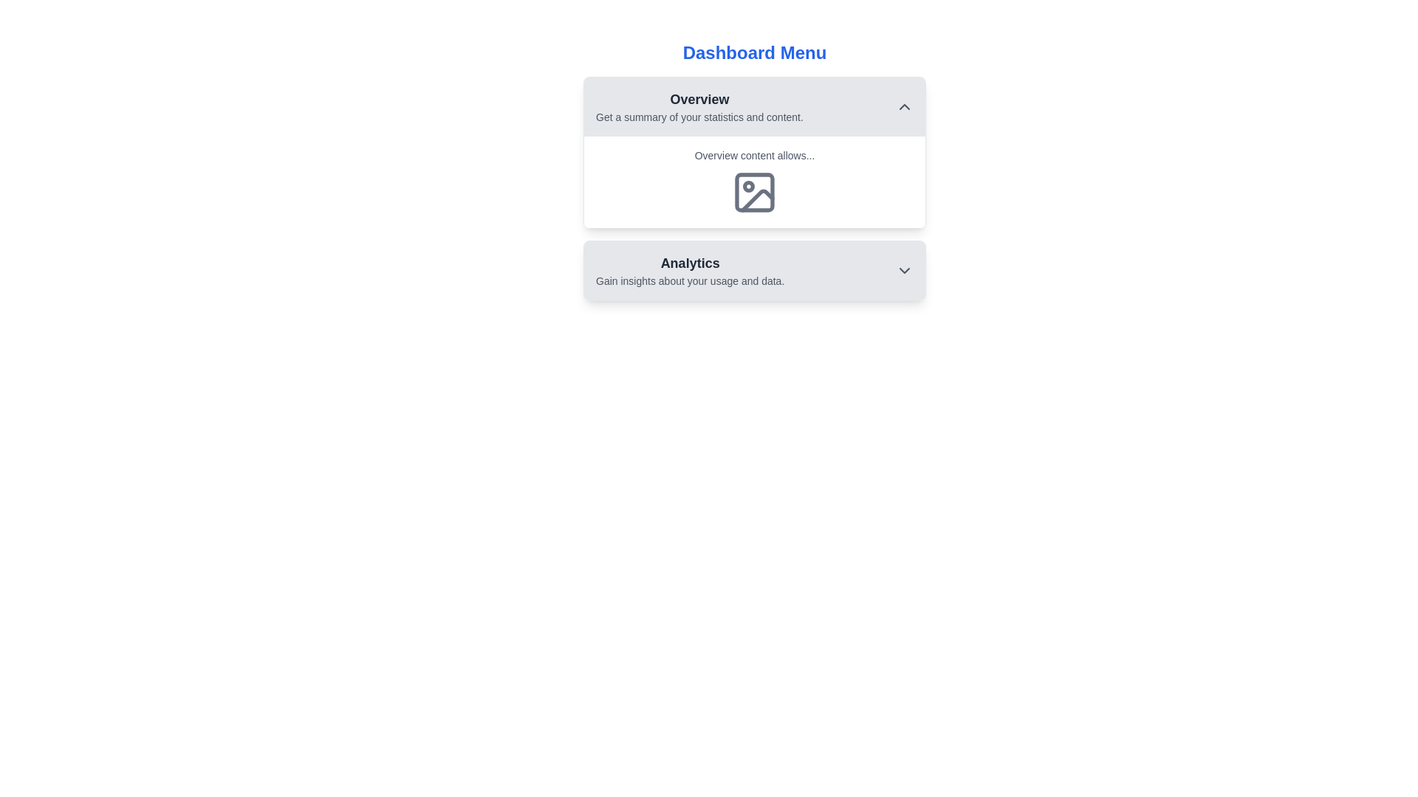 This screenshot has height=797, width=1418. Describe the element at coordinates (699, 100) in the screenshot. I see `the Text label that serves as a title or heading for the 'Overview' section, which provides a summary of the user's statistics and content` at that location.